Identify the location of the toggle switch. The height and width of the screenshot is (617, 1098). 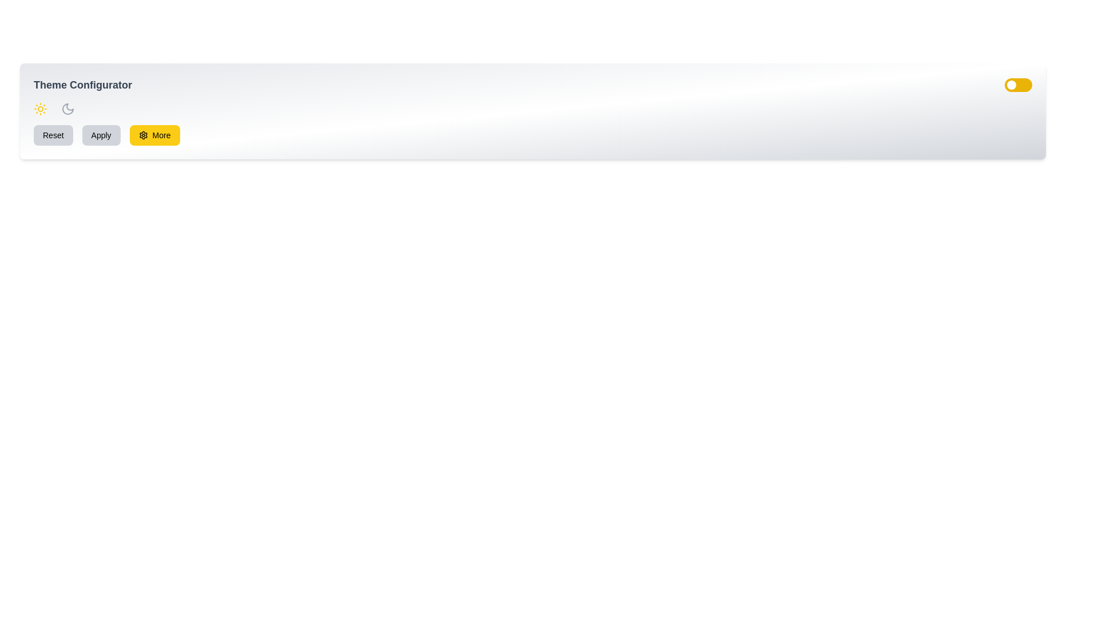
(1008, 85).